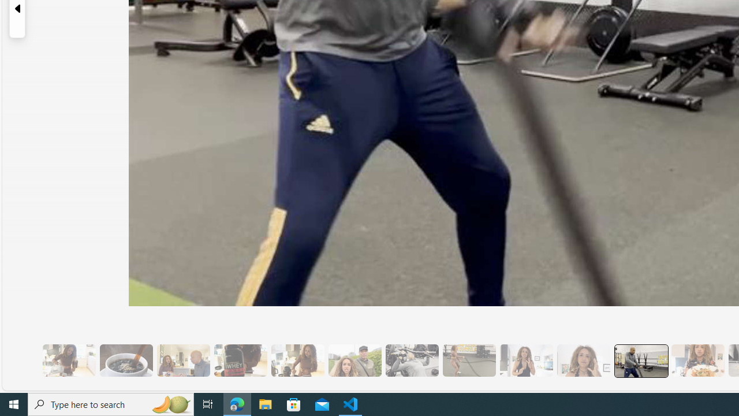 Image resolution: width=739 pixels, height=416 pixels. I want to click on '9 They Do Bench Exercises', so click(412, 360).